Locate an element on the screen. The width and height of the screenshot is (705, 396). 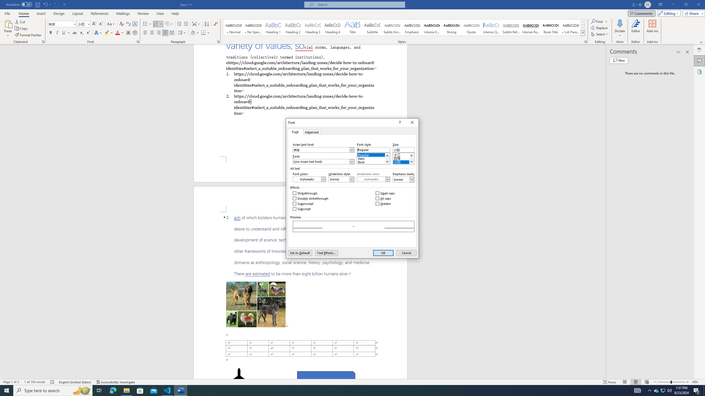
'Class: MsoCommandBar' is located at coordinates (352, 381).